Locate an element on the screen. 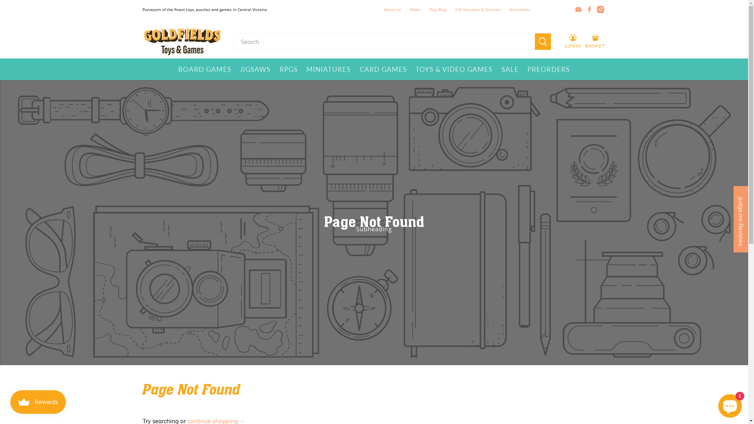 Image resolution: width=754 pixels, height=424 pixels. 'MINIATURES' is located at coordinates (328, 69).